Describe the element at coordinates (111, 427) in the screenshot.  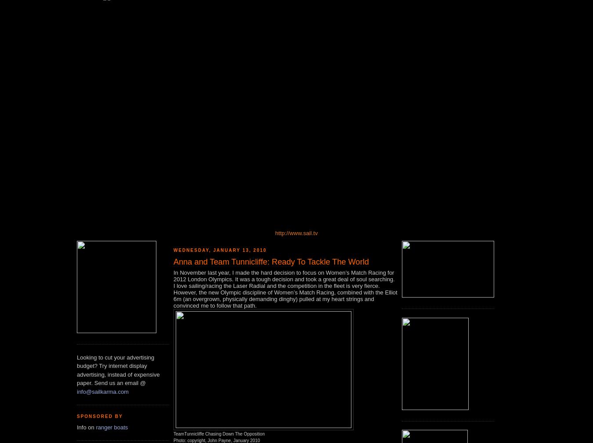
I see `'ranger boats'` at that location.